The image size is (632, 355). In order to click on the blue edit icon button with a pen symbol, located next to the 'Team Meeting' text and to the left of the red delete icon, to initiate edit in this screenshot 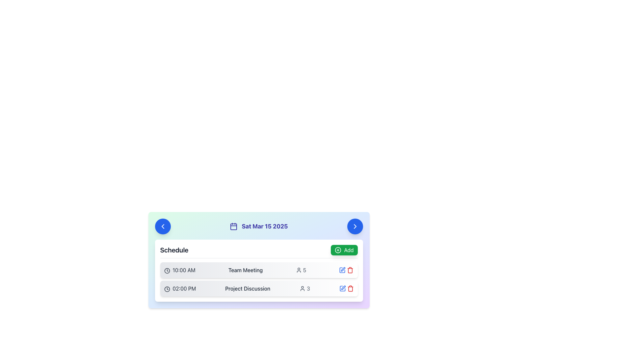, I will do `click(342, 270)`.